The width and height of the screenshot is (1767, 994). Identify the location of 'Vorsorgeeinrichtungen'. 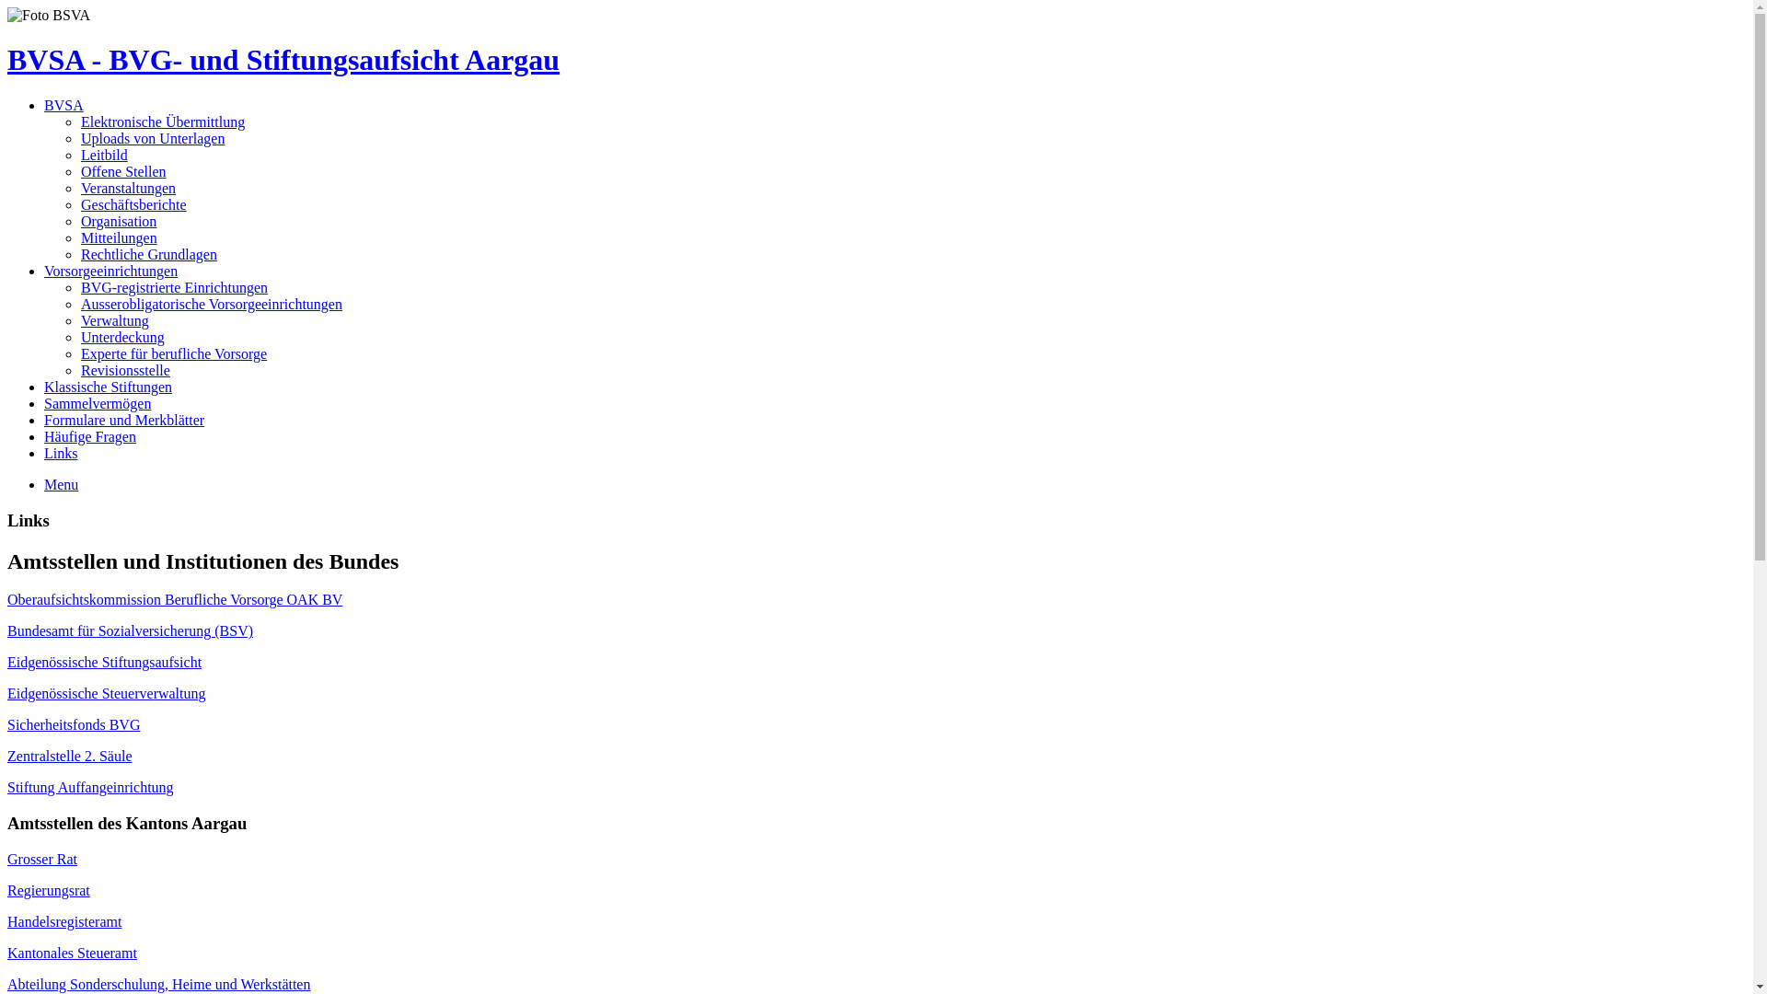
(110, 271).